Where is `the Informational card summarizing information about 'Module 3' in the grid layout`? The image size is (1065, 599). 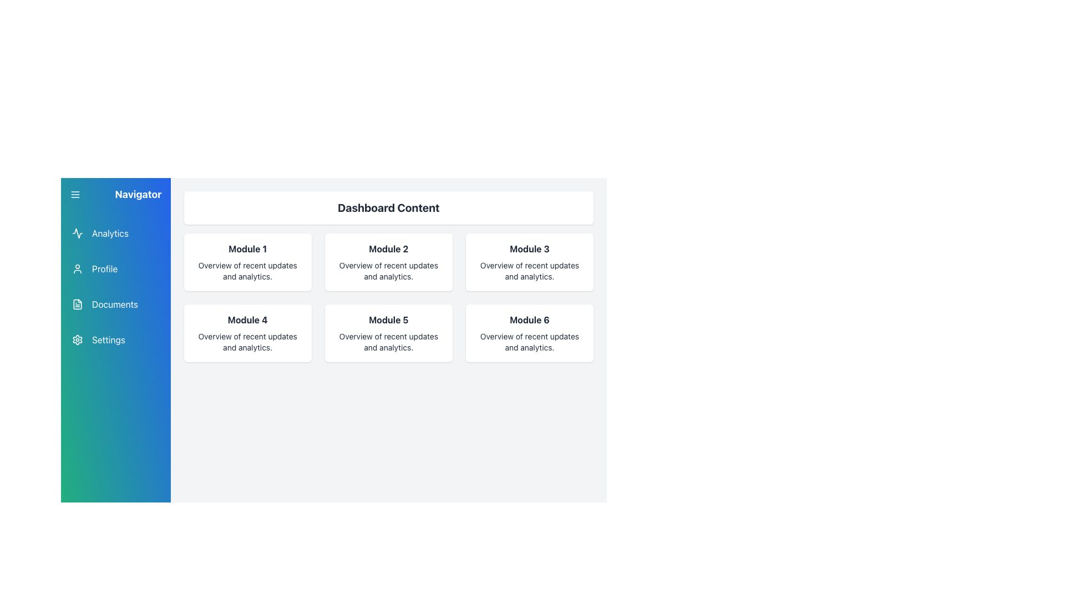 the Informational card summarizing information about 'Module 3' in the grid layout is located at coordinates (529, 262).